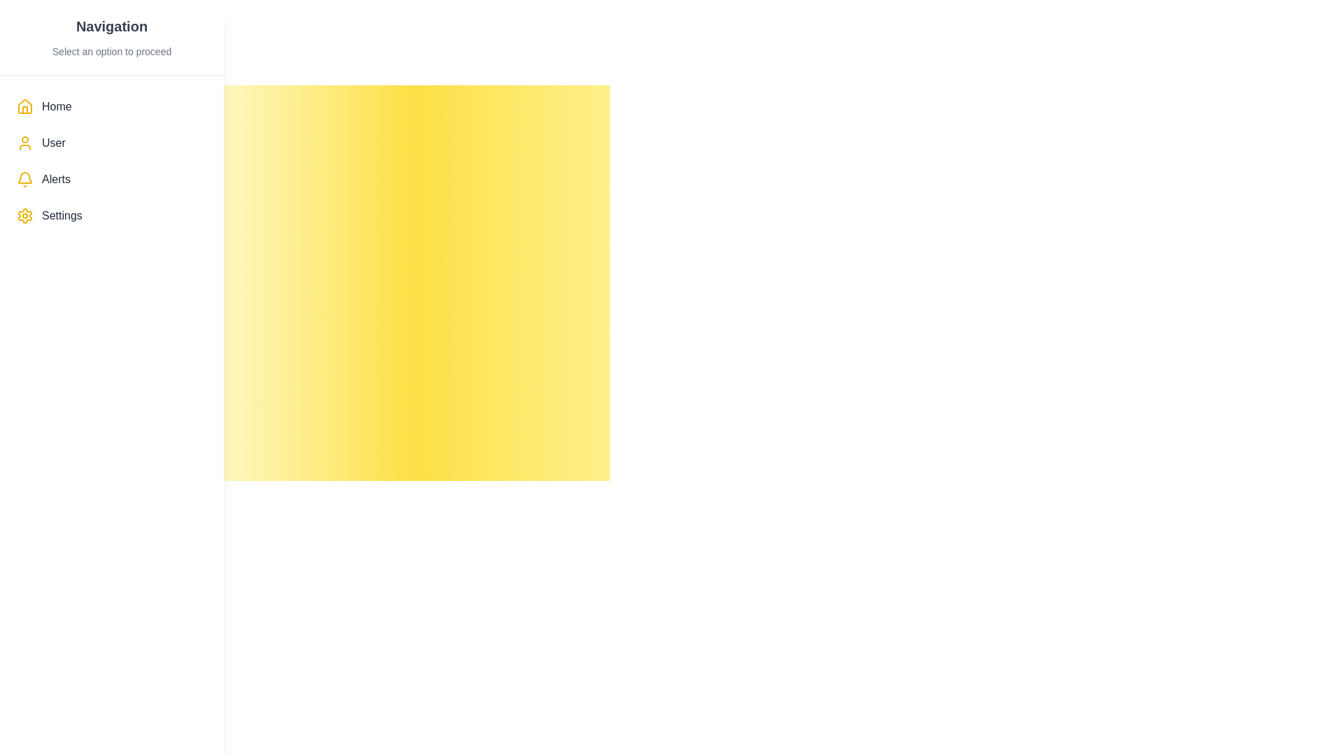  What do you see at coordinates (56, 106) in the screenshot?
I see `the 'Home' text label located in the vertical navigation menu` at bounding box center [56, 106].